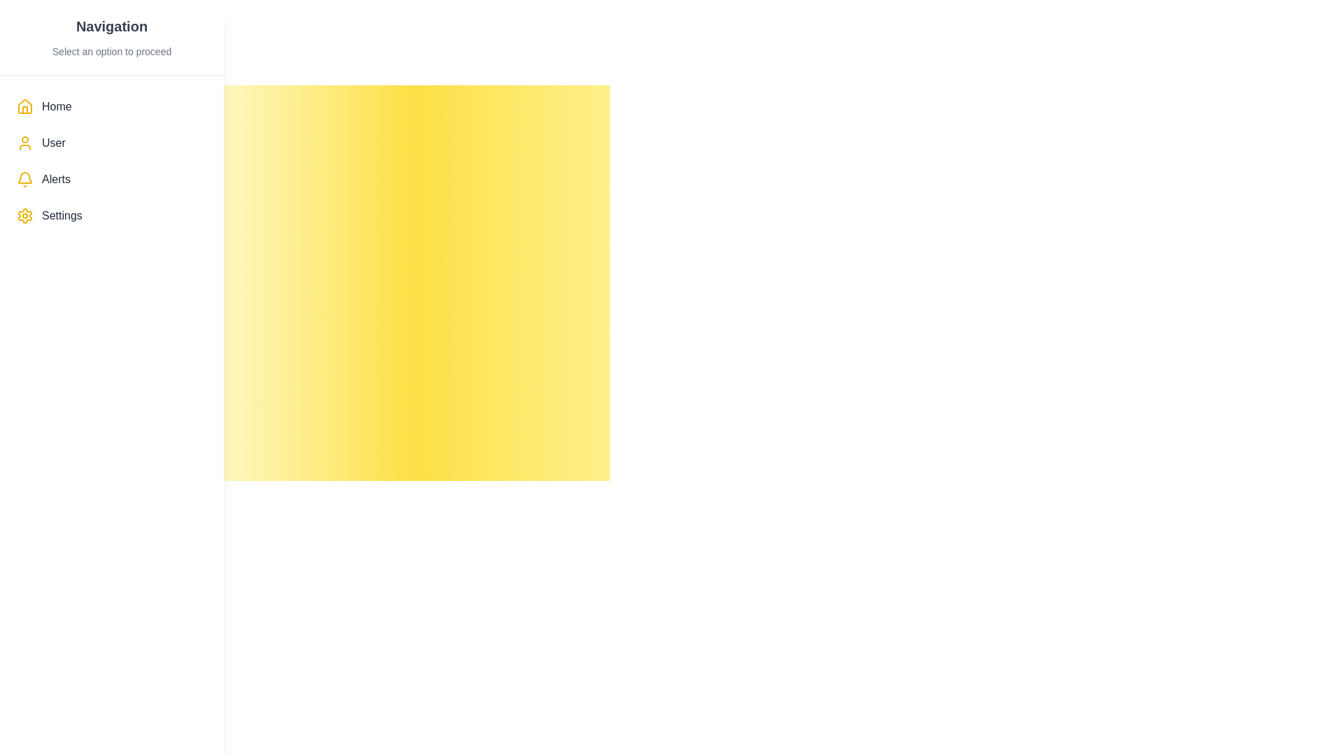  What do you see at coordinates (56, 106) in the screenshot?
I see `the 'Home' text label located in the vertical navigation menu` at bounding box center [56, 106].